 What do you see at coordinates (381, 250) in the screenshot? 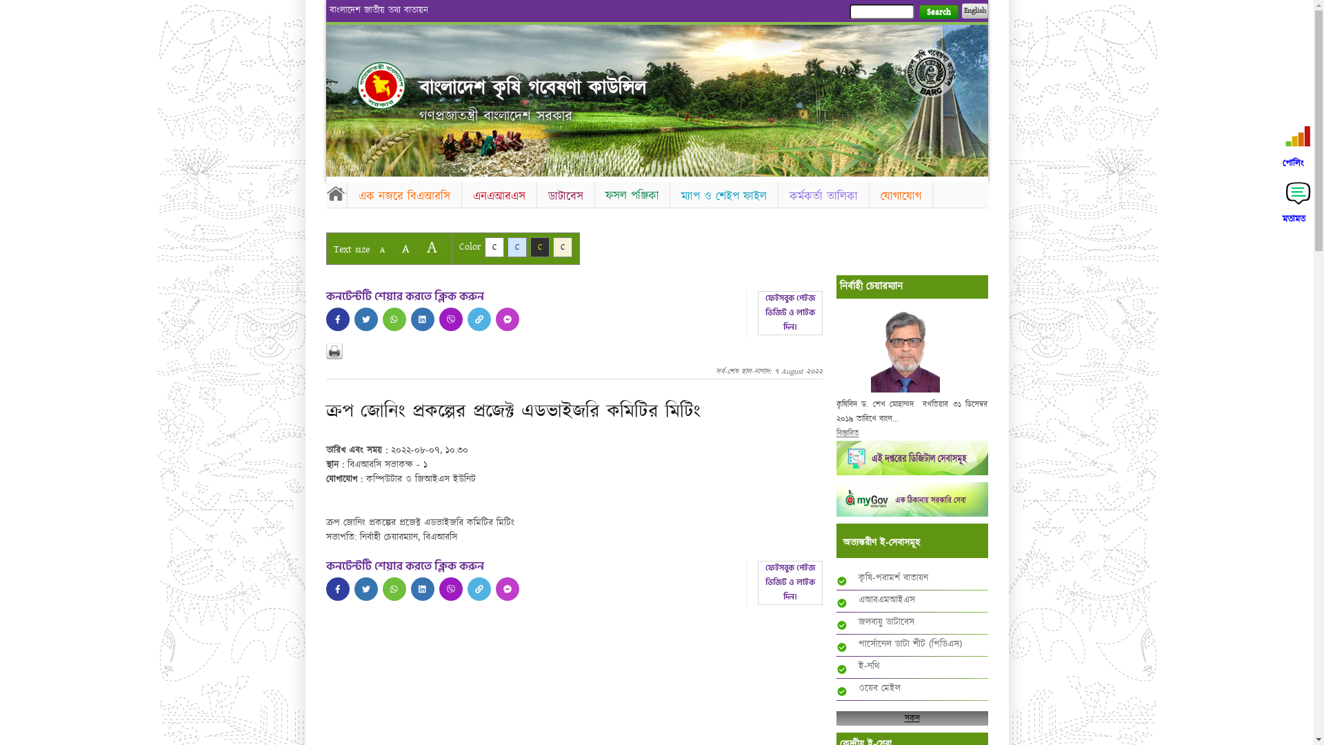
I see `'A'` at bounding box center [381, 250].